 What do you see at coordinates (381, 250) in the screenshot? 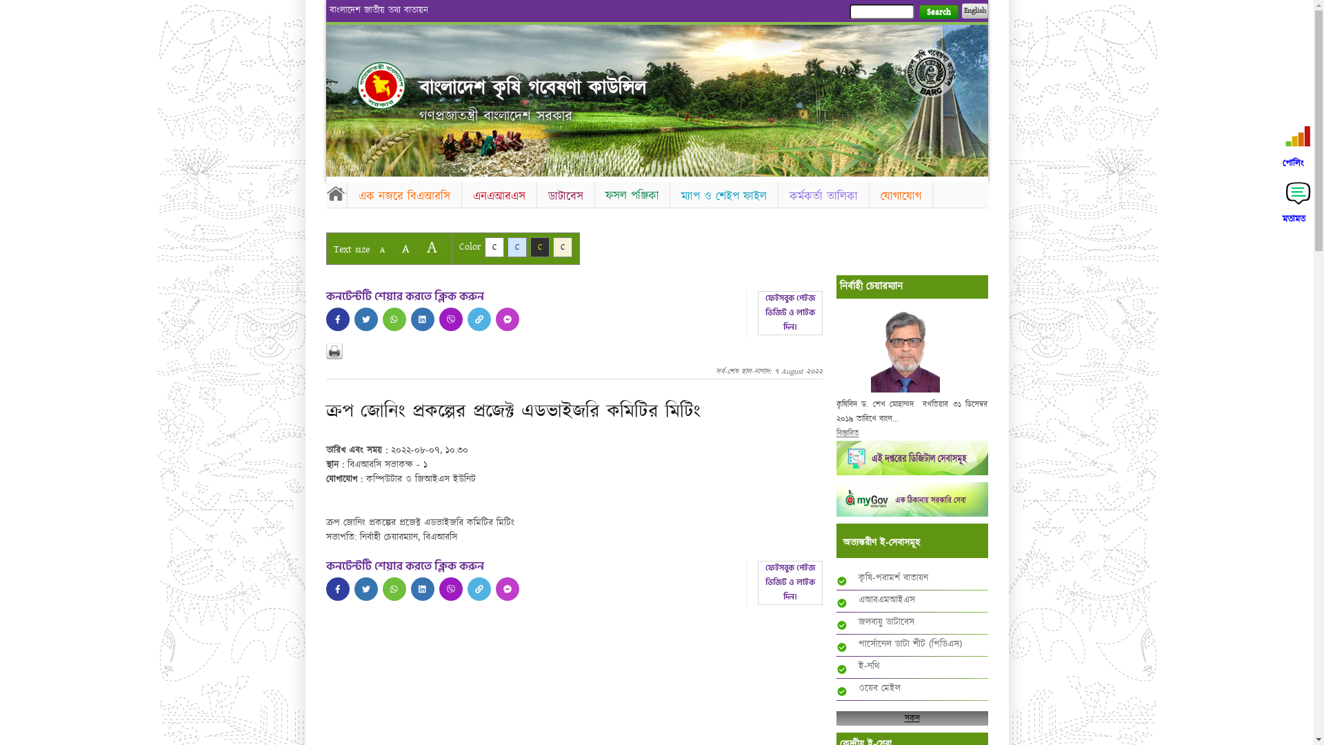
I see `'A'` at bounding box center [381, 250].